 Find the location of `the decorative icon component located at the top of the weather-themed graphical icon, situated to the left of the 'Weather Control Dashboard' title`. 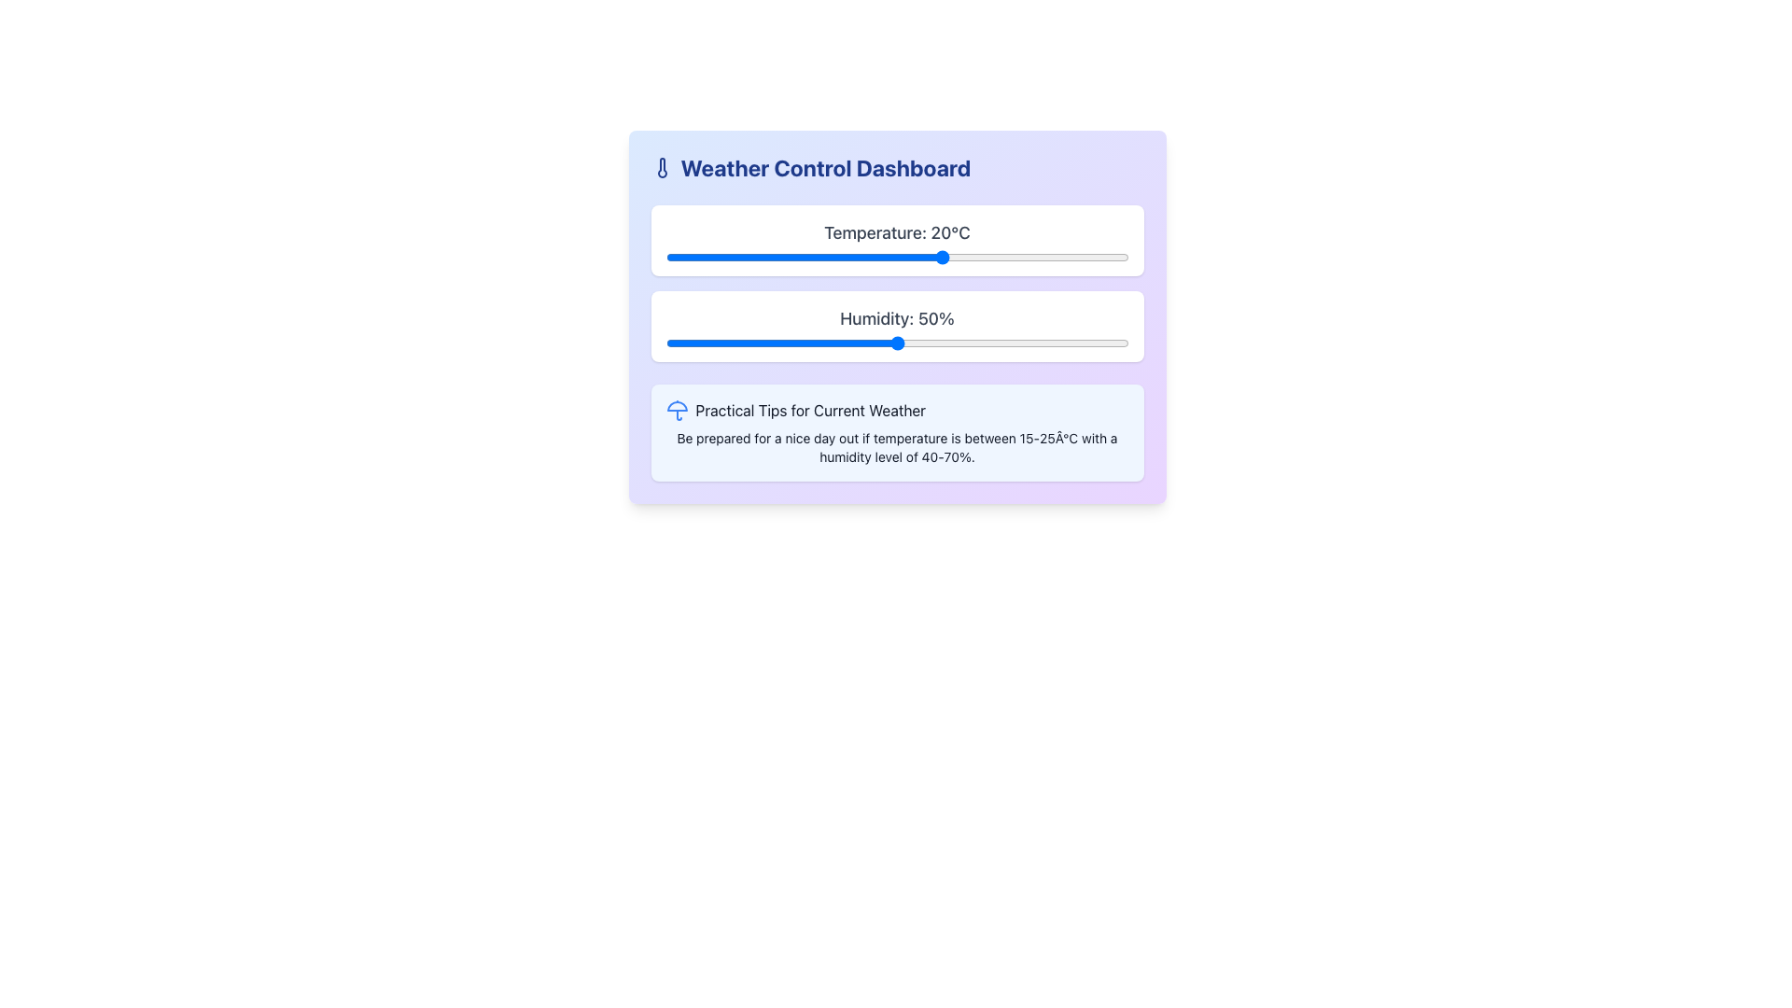

the decorative icon component located at the top of the weather-themed graphical icon, situated to the left of the 'Weather Control Dashboard' title is located at coordinates (676, 405).